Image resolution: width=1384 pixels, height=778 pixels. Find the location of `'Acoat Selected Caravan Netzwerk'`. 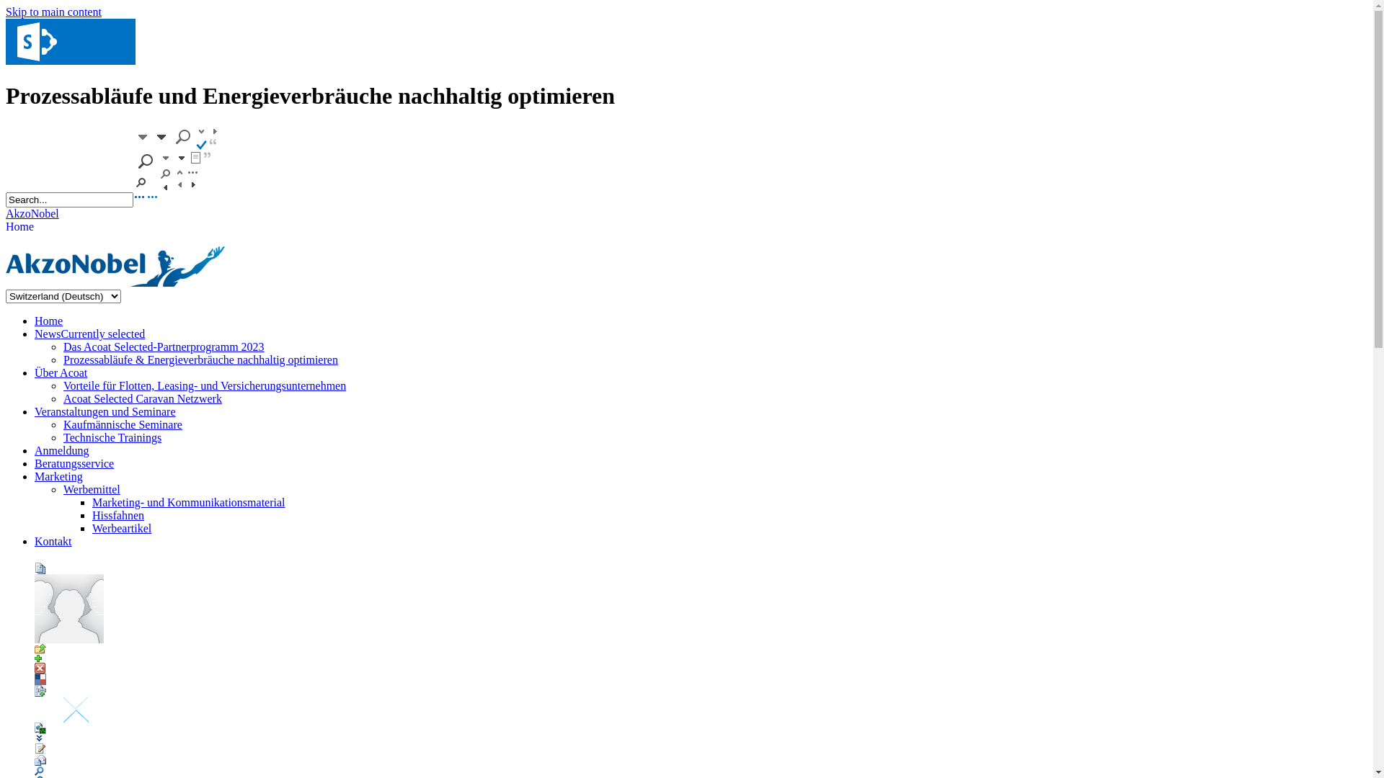

'Acoat Selected Caravan Netzwerk' is located at coordinates (62, 398).